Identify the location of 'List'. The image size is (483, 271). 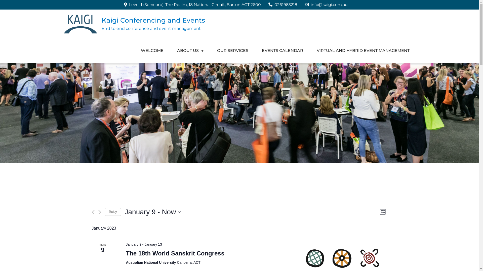
(382, 212).